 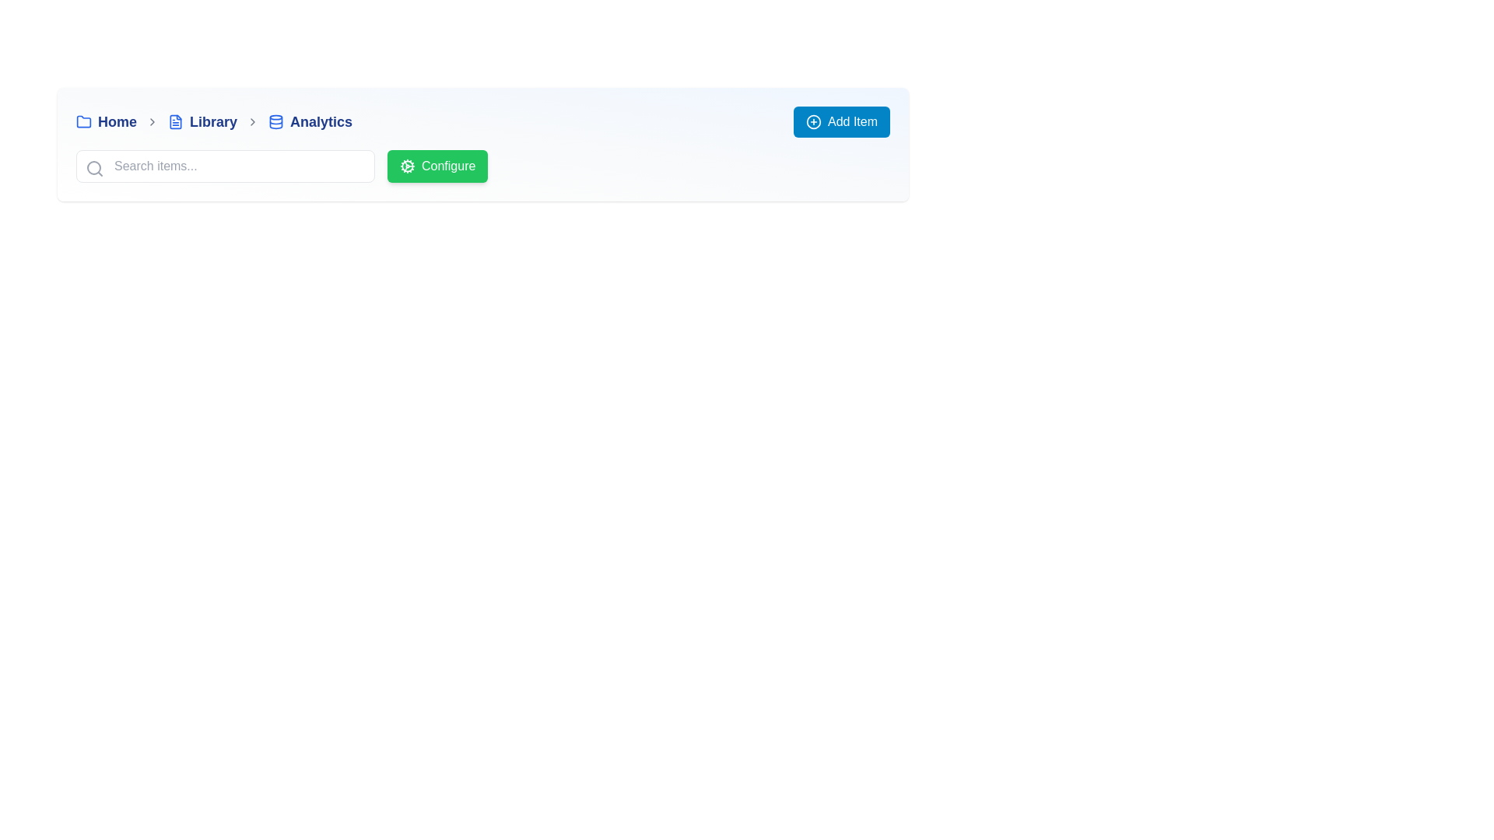 What do you see at coordinates (813, 121) in the screenshot?
I see `the decorative circle within the icon located to the left of the blue 'Add Item' button at the top-right section of the UI` at bounding box center [813, 121].